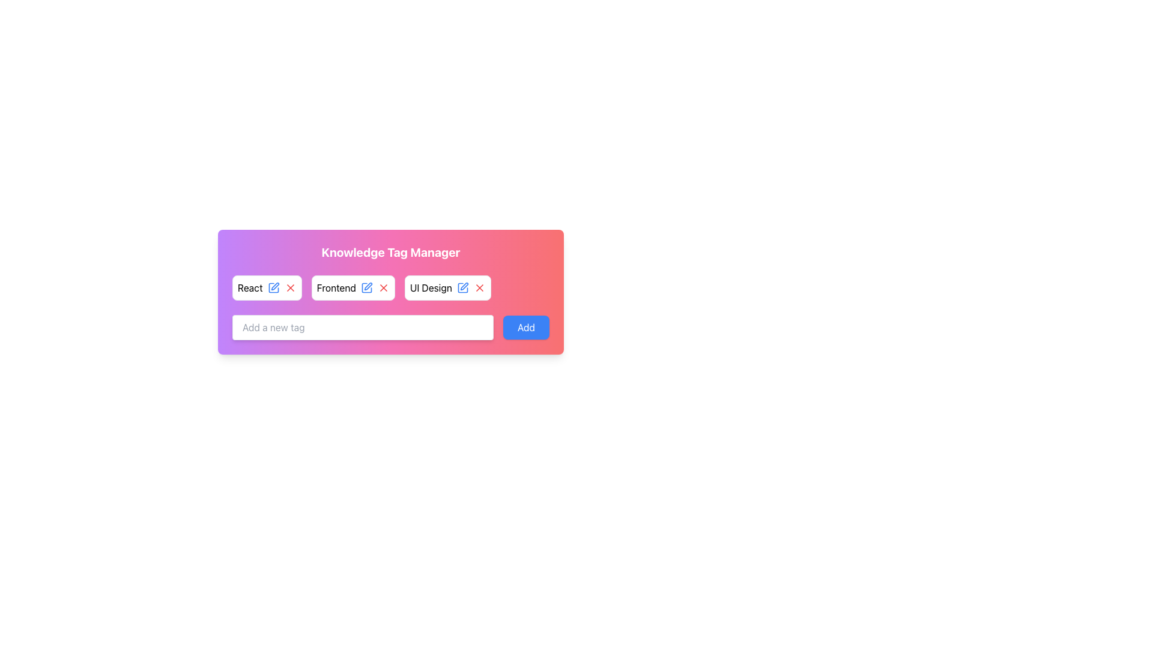  Describe the element at coordinates (383, 287) in the screenshot. I see `the small red 'X' icon button located inside the 'Frontend' tag` at that location.